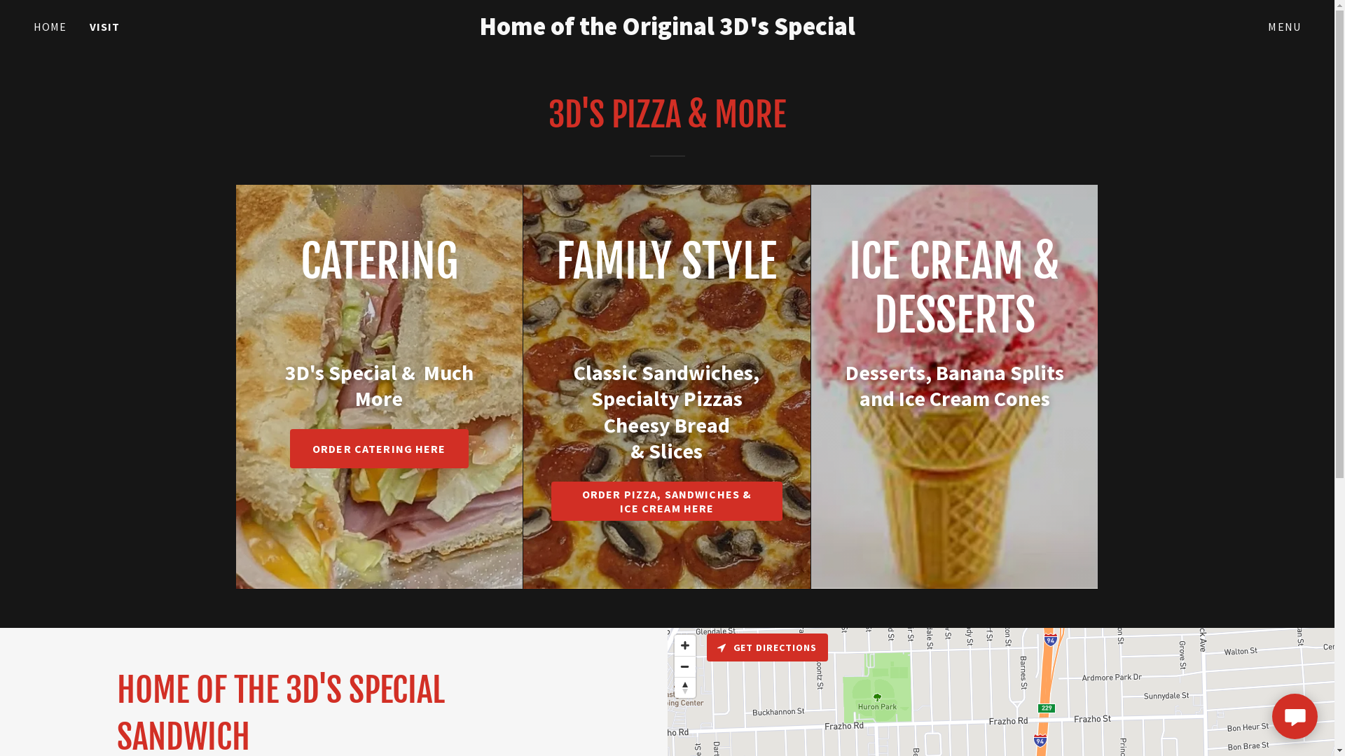  I want to click on 'Zoom in', so click(673, 645).